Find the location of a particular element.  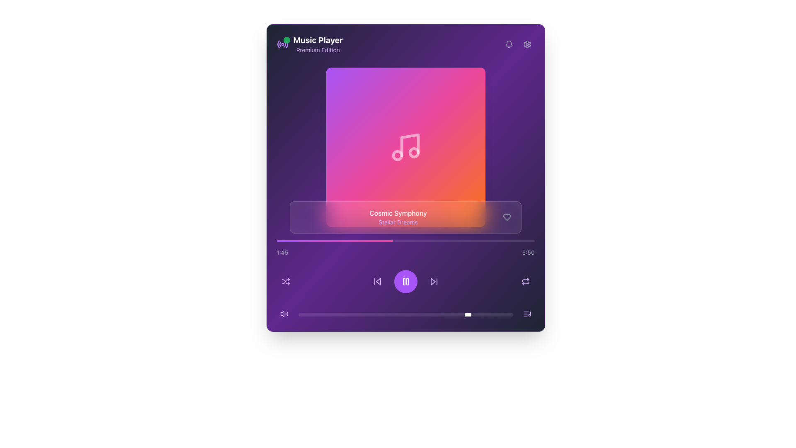

the interactive text element displaying the current media title and subtitle, located below the musical note image is located at coordinates (405, 217).